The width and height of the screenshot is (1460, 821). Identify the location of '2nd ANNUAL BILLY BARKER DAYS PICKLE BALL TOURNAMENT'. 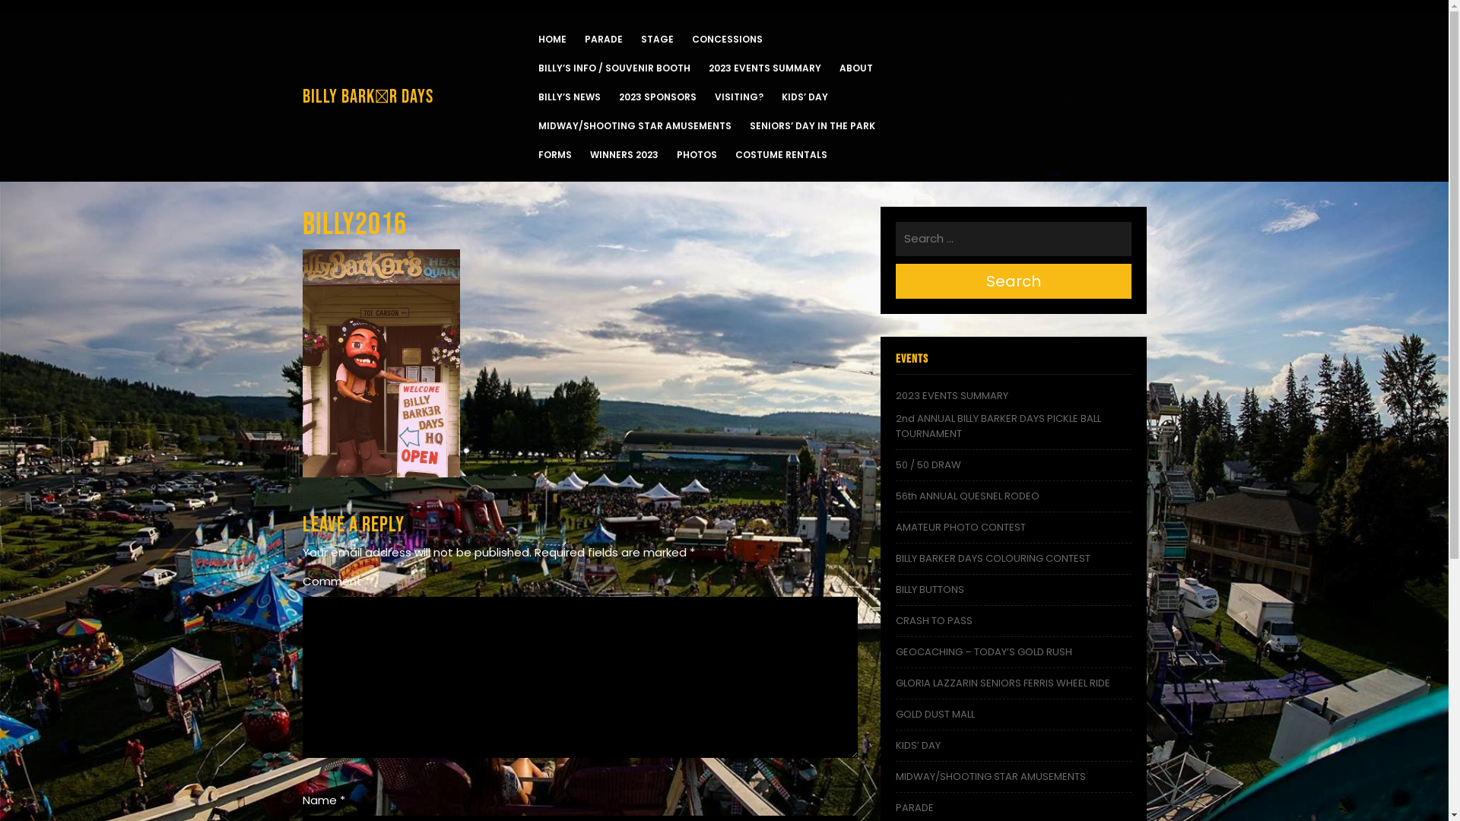
(998, 426).